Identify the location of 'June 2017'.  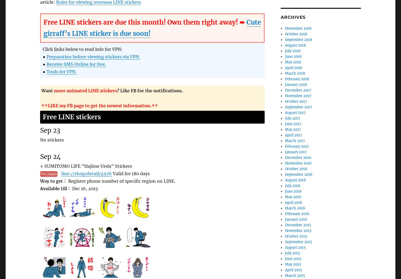
(285, 123).